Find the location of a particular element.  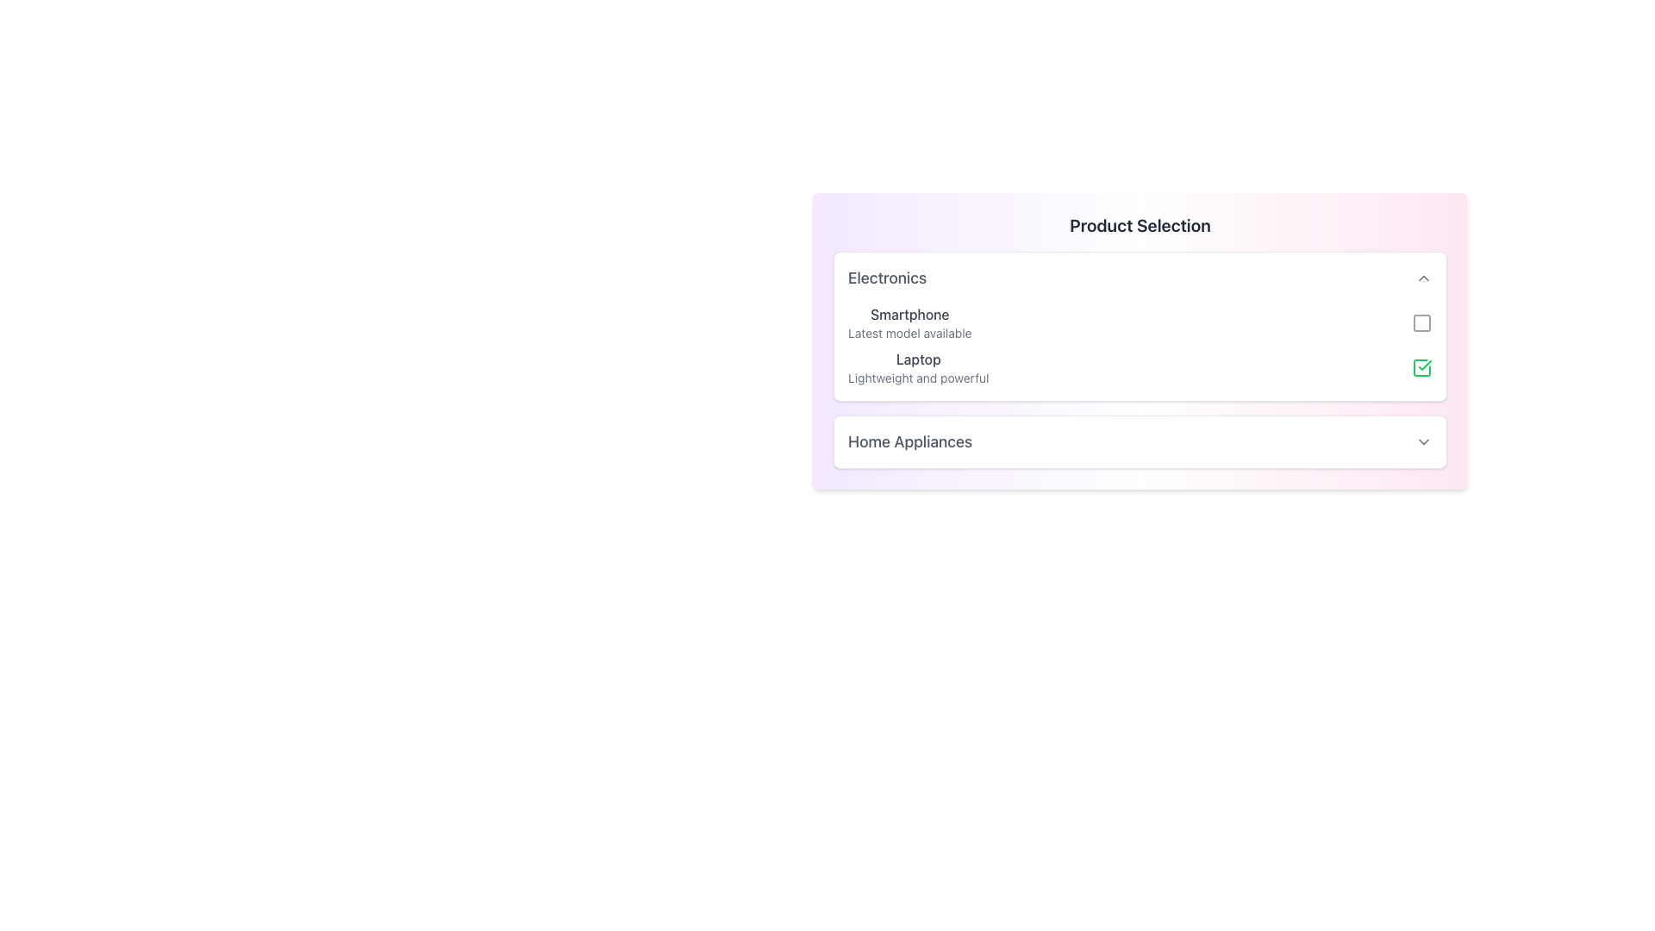

the text label that reads 'Laptop', which is styled in gray and is located under the 'Electronics' category section is located at coordinates (917, 358).